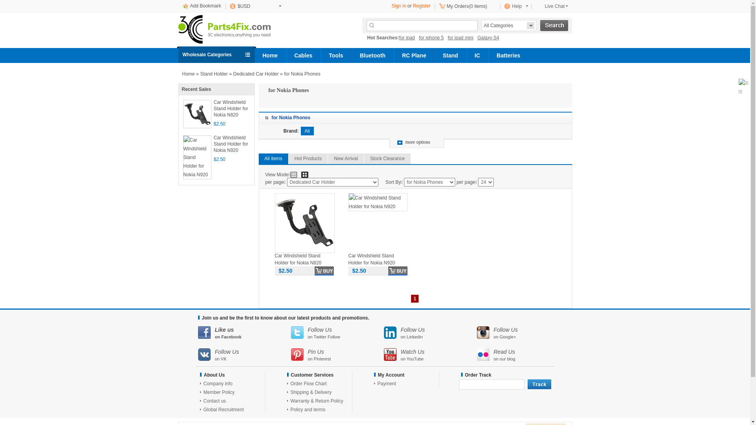 Image resolution: width=756 pixels, height=425 pixels. What do you see at coordinates (523, 333) in the screenshot?
I see `'Follow Us` at bounding box center [523, 333].